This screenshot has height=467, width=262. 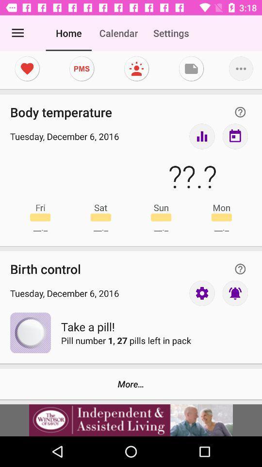 What do you see at coordinates (81, 68) in the screenshot?
I see `pms button` at bounding box center [81, 68].